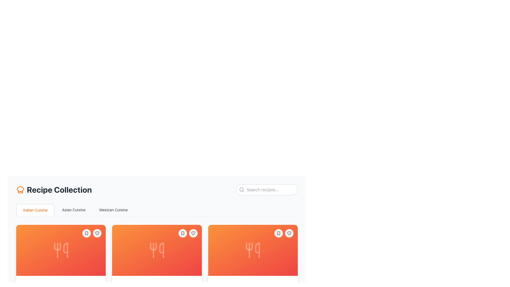 This screenshot has height=287, width=510. Describe the element at coordinates (193, 233) in the screenshot. I see `the 'like' icon located in the top-right corner of the first card under the Italian Cuisine section` at that location.